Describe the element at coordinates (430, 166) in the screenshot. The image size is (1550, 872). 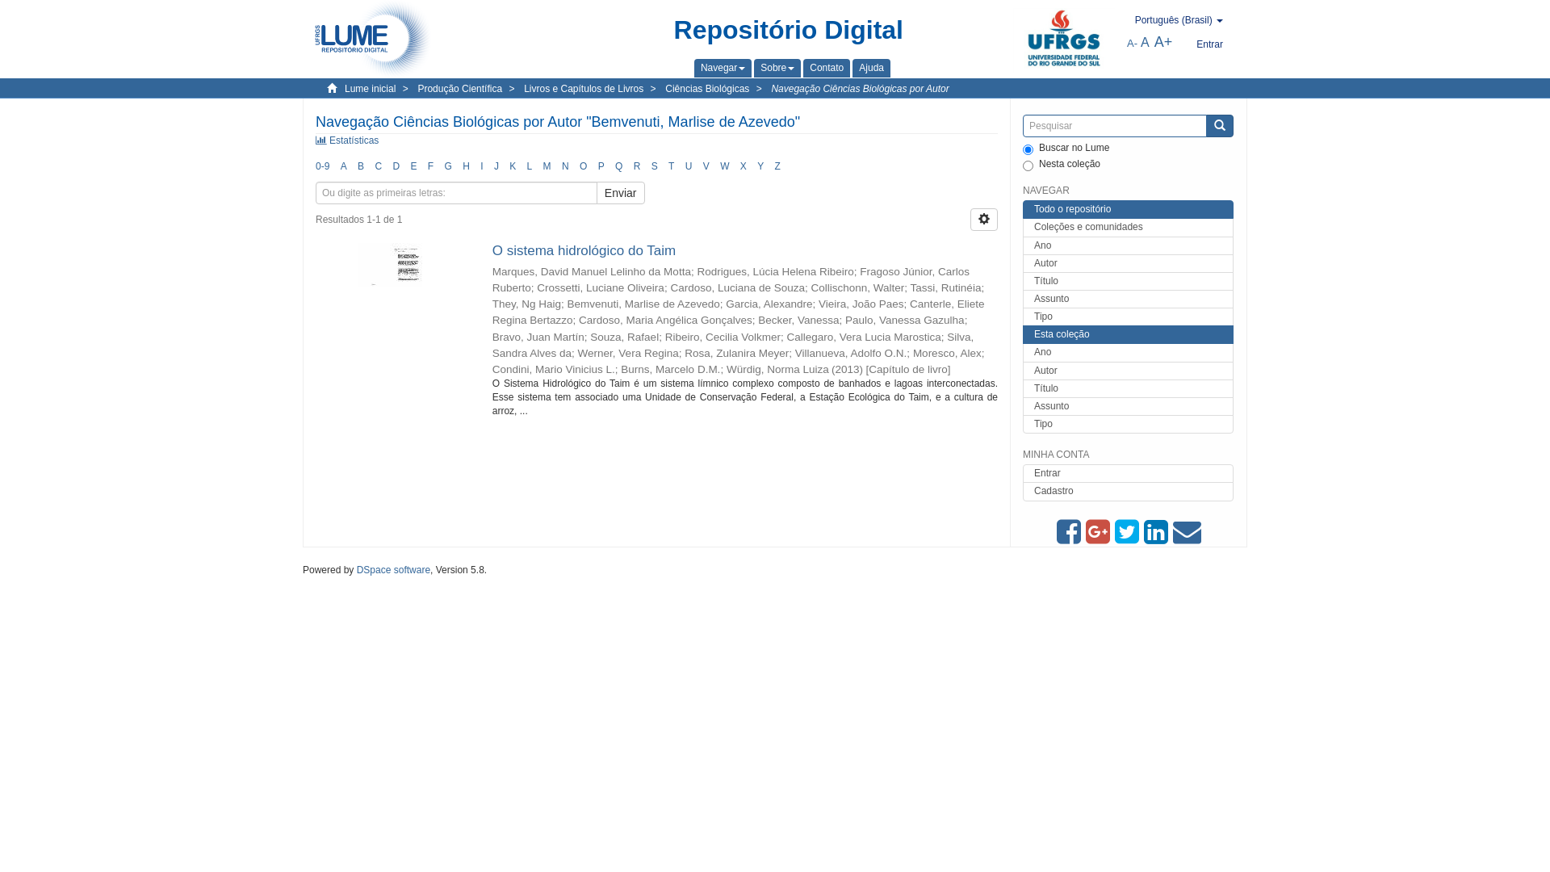
I see `'F'` at that location.